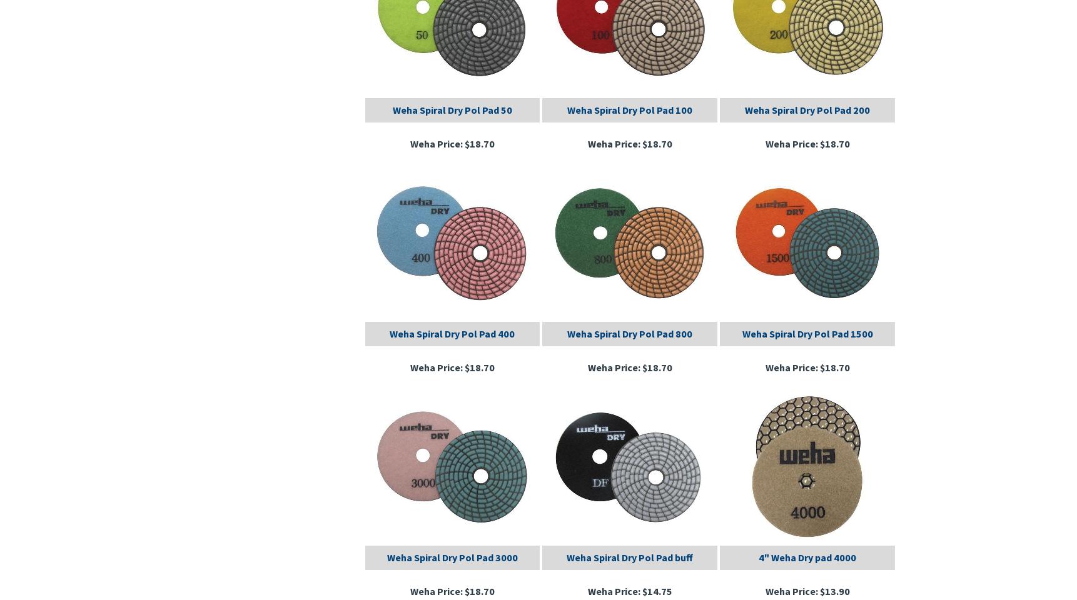 The image size is (1077, 600). Describe the element at coordinates (630, 556) in the screenshot. I see `'Weha Spiral Dry Pol Pad buff'` at that location.